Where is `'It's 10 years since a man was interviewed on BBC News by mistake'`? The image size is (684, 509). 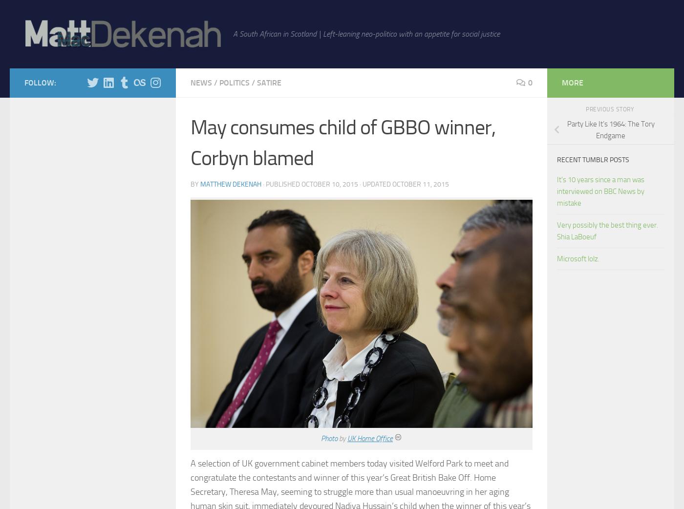
'It's 10 years since a man was interviewed on BBC News by mistake' is located at coordinates (600, 190).